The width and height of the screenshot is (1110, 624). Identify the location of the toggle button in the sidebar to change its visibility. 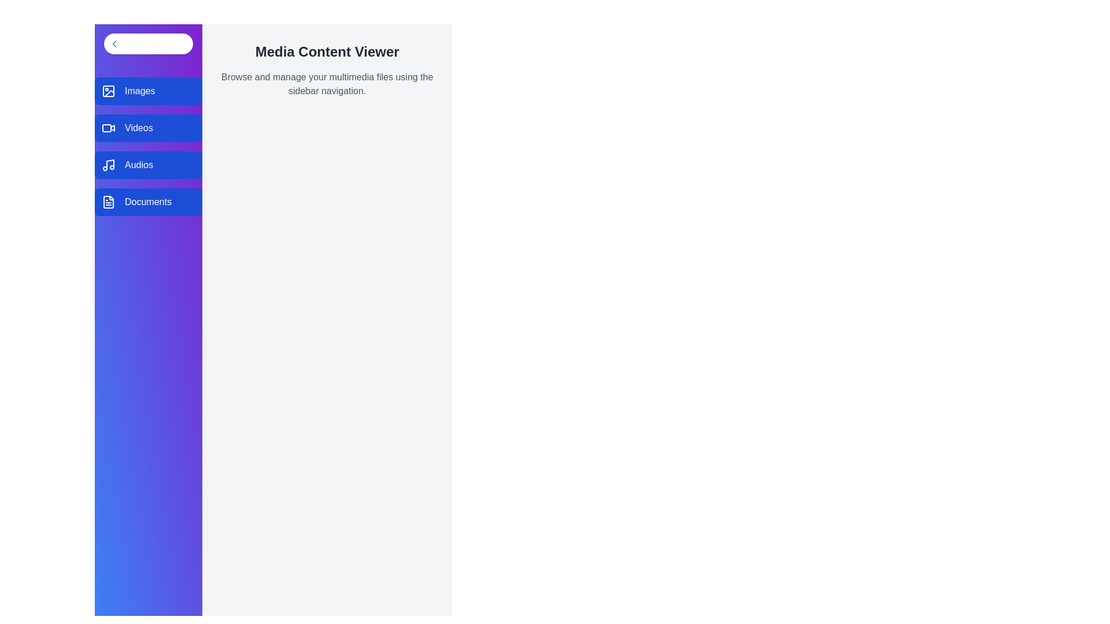
(148, 43).